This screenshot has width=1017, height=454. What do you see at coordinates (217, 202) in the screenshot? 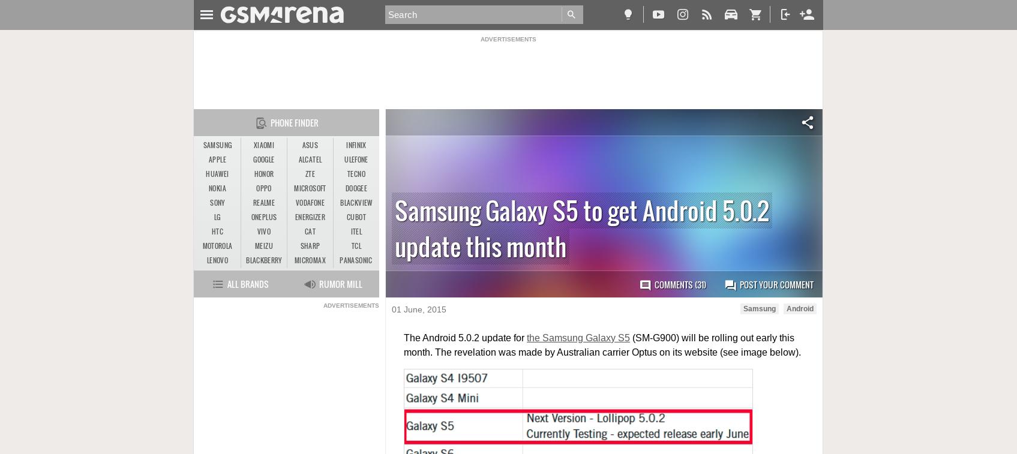
I see `'Sony'` at bounding box center [217, 202].